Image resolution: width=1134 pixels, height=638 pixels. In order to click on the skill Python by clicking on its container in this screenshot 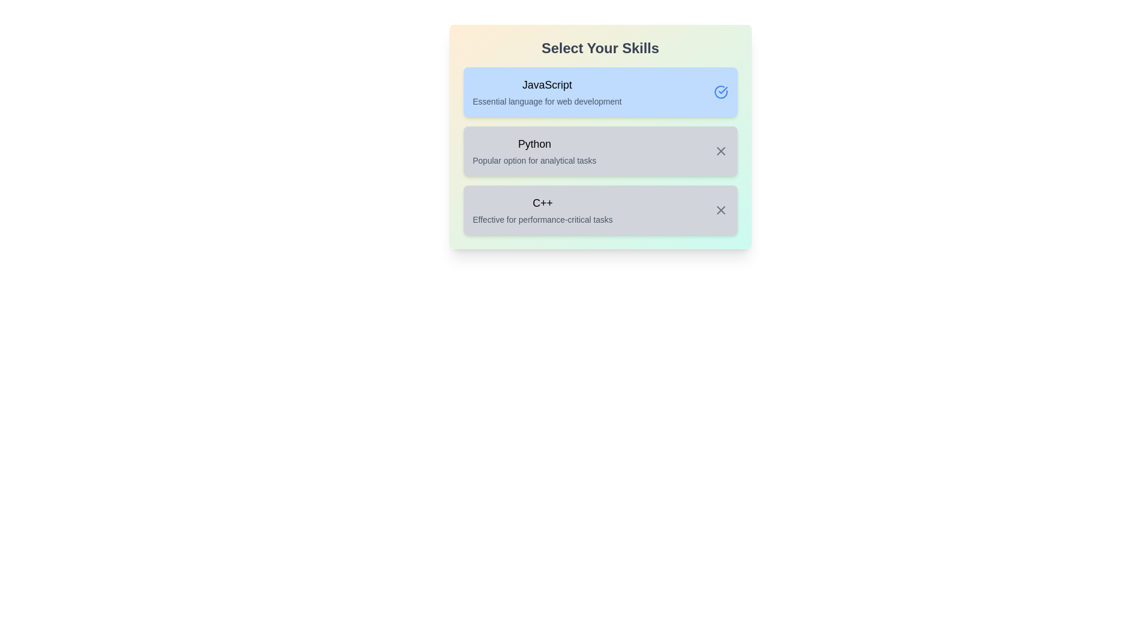, I will do `click(600, 150)`.